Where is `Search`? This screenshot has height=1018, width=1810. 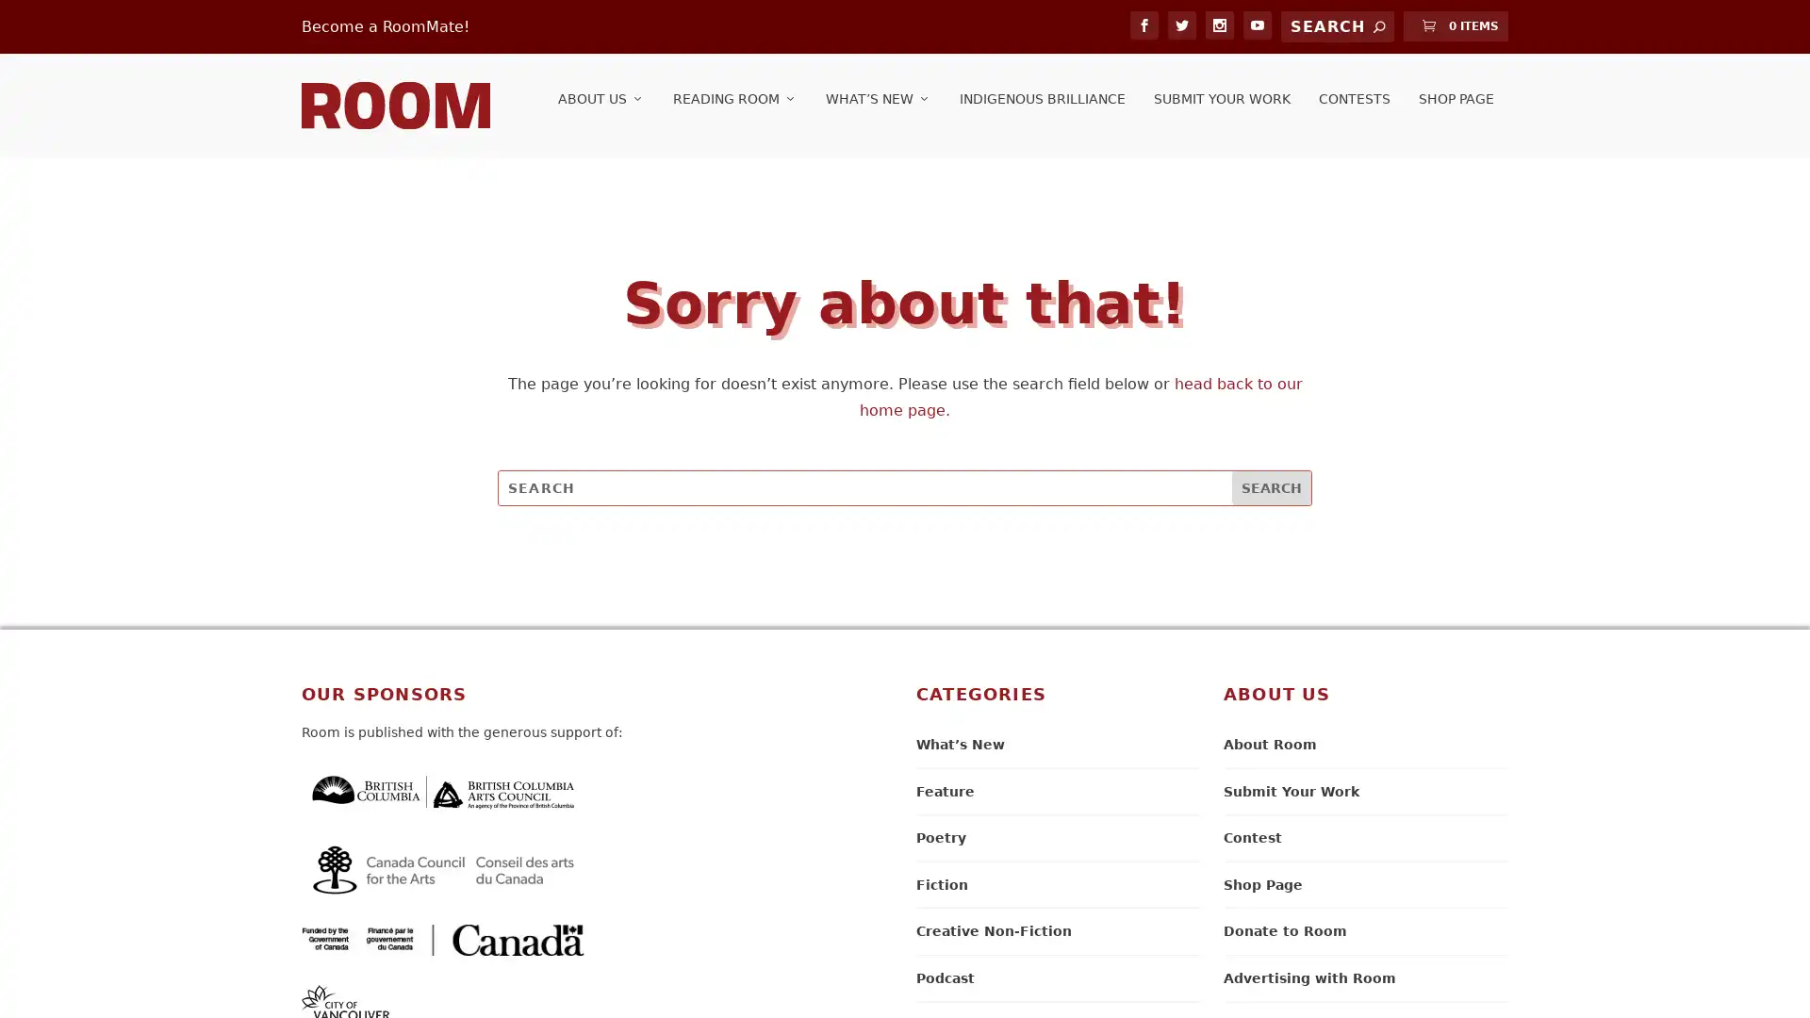
Search is located at coordinates (1271, 500).